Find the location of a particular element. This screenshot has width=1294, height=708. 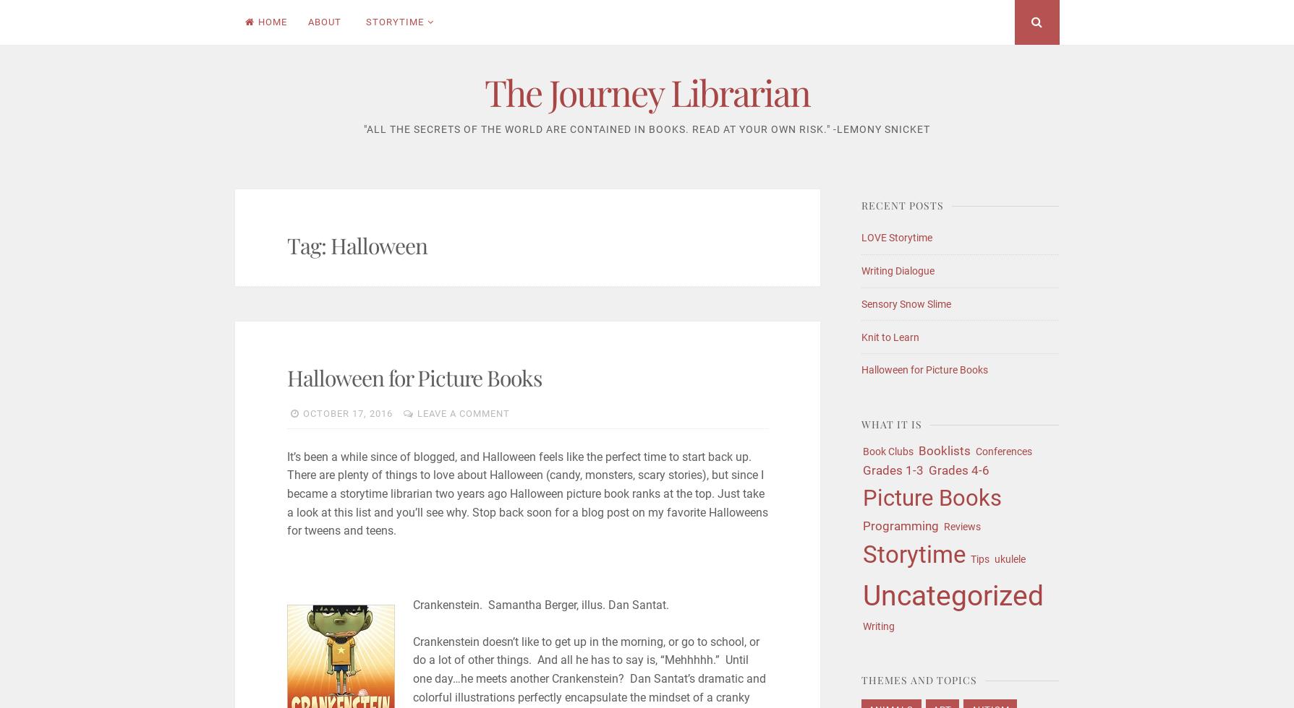

'Book Clubs' is located at coordinates (888, 450).